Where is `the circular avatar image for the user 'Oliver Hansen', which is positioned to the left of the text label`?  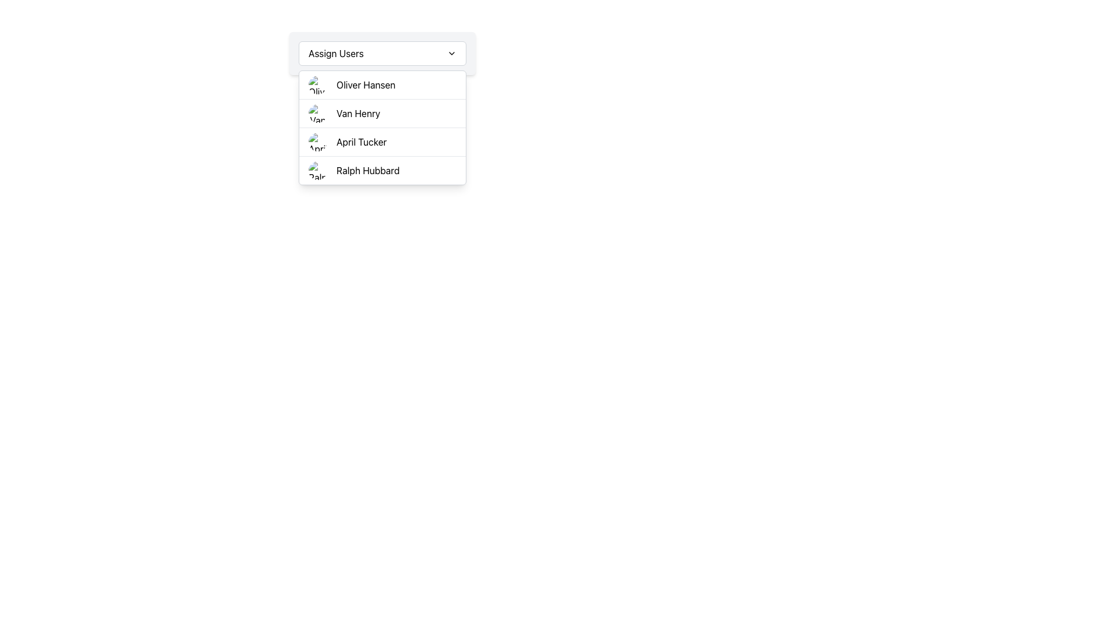 the circular avatar image for the user 'Oliver Hansen', which is positioned to the left of the text label is located at coordinates (318, 84).